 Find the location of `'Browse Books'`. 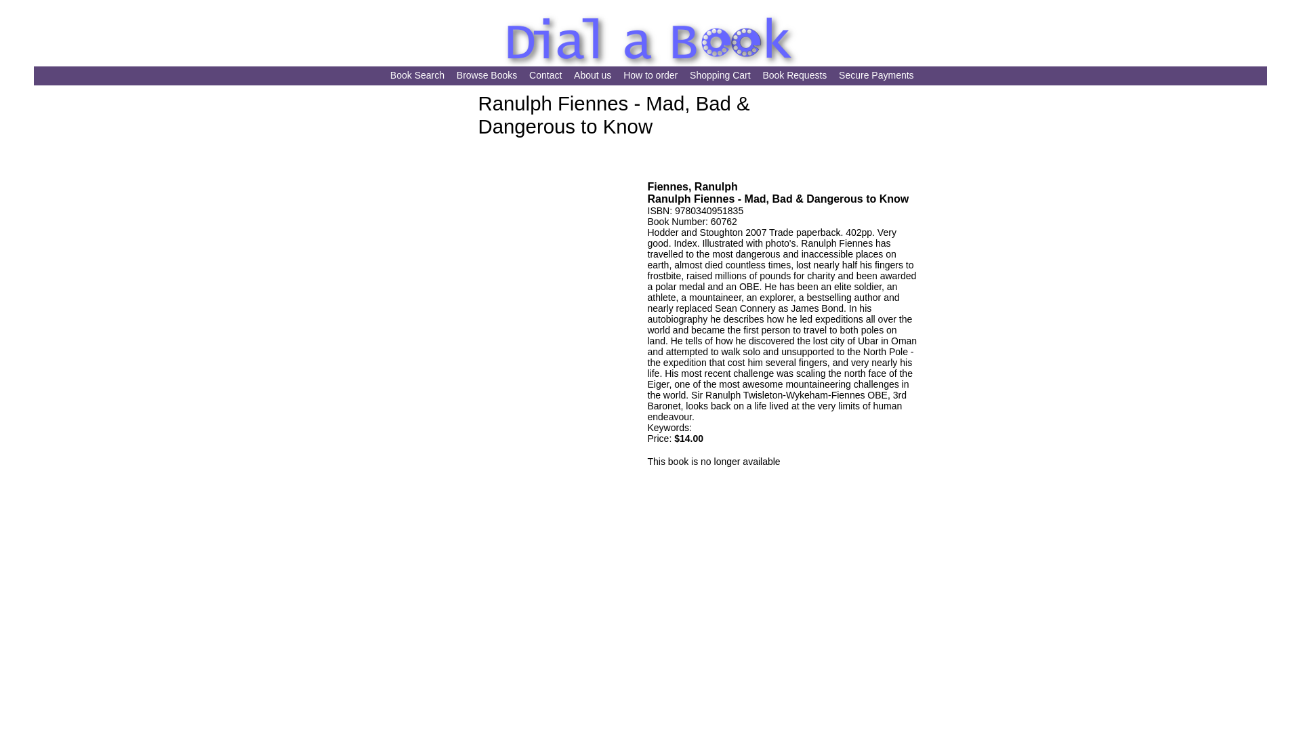

'Browse Books' is located at coordinates (456, 75).